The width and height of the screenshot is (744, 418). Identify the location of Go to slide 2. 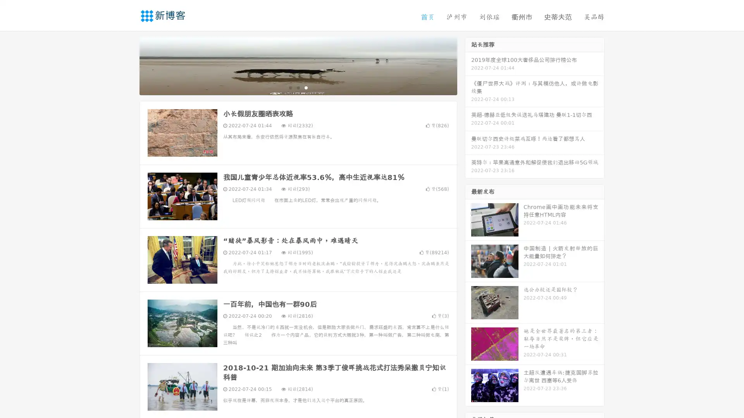
(298, 87).